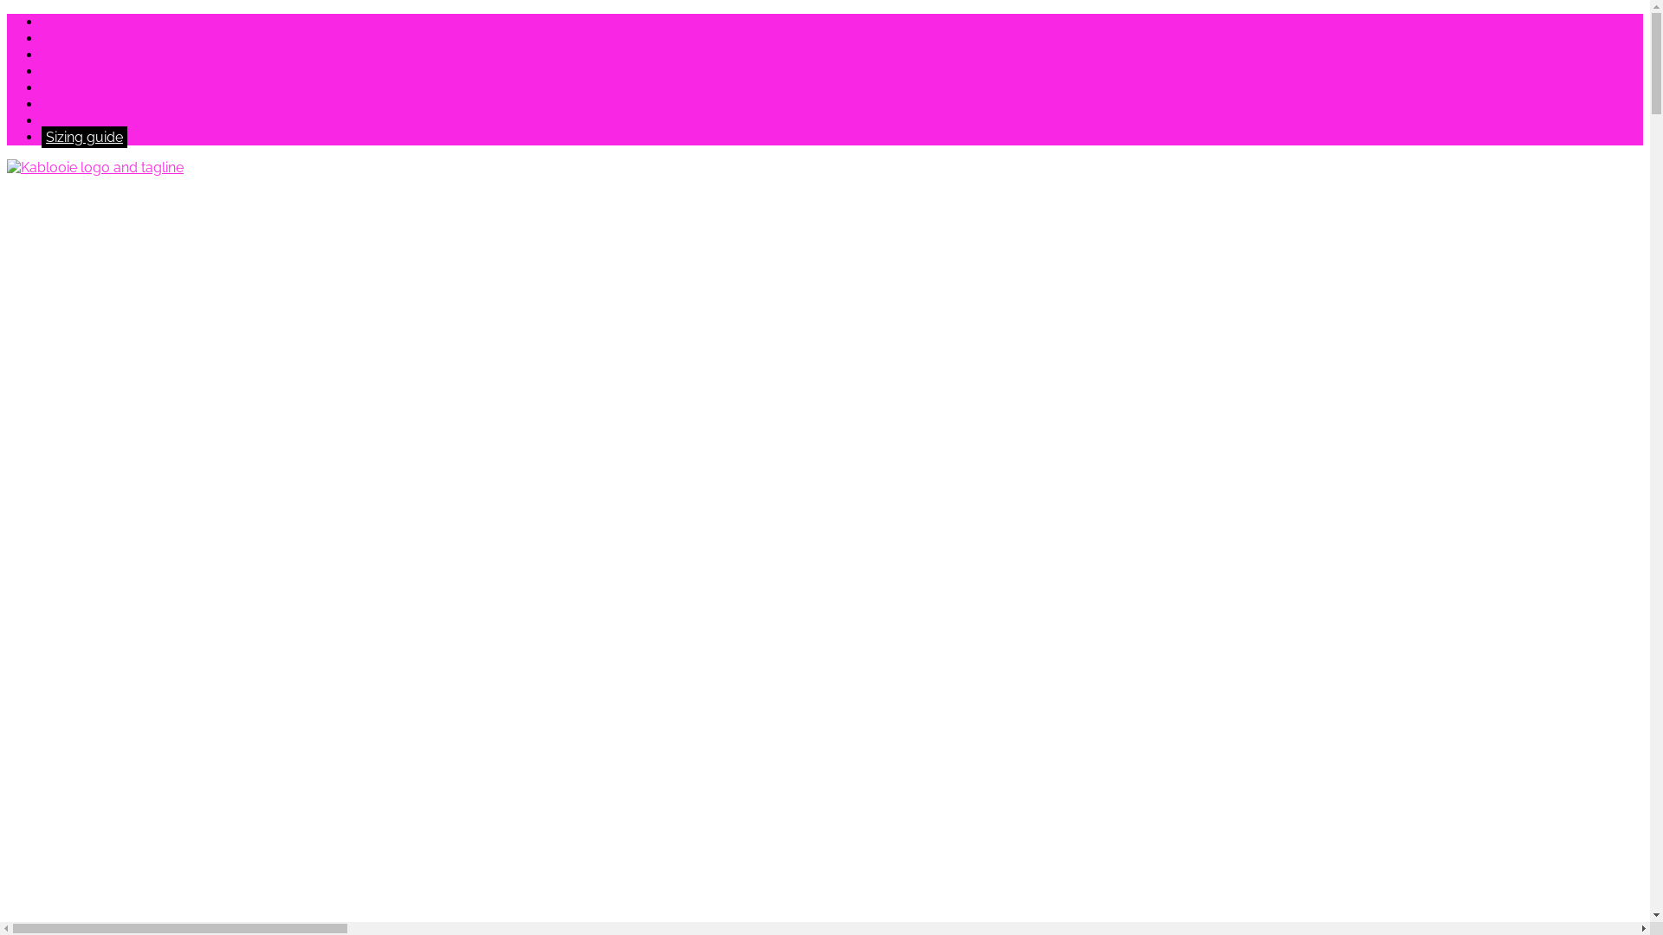  I want to click on 'Rewards Club', so click(86, 104).